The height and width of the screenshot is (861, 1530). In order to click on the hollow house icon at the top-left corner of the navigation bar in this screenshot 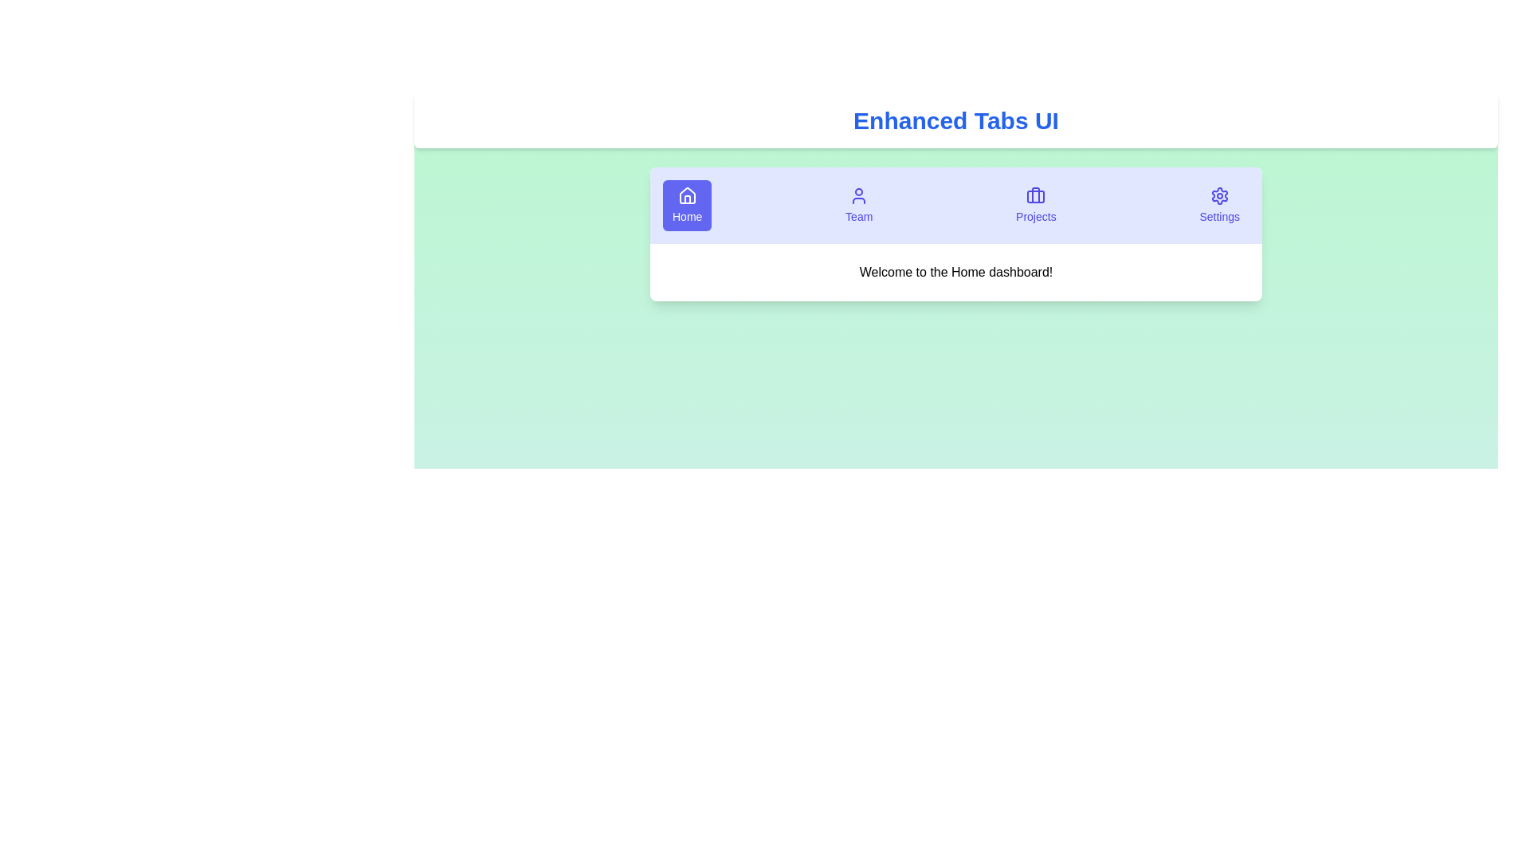, I will do `click(687, 195)`.